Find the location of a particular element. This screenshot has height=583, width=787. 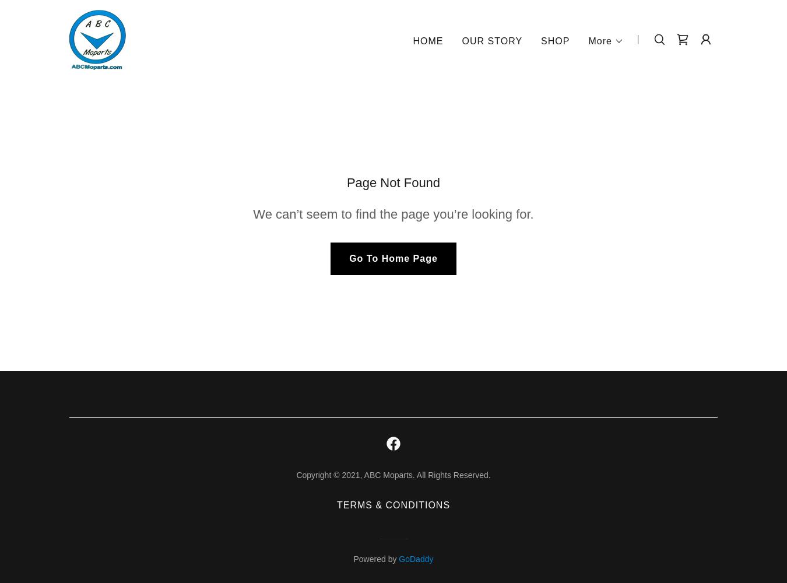

'We can’t seem to find the page you’re looking for.' is located at coordinates (393, 213).